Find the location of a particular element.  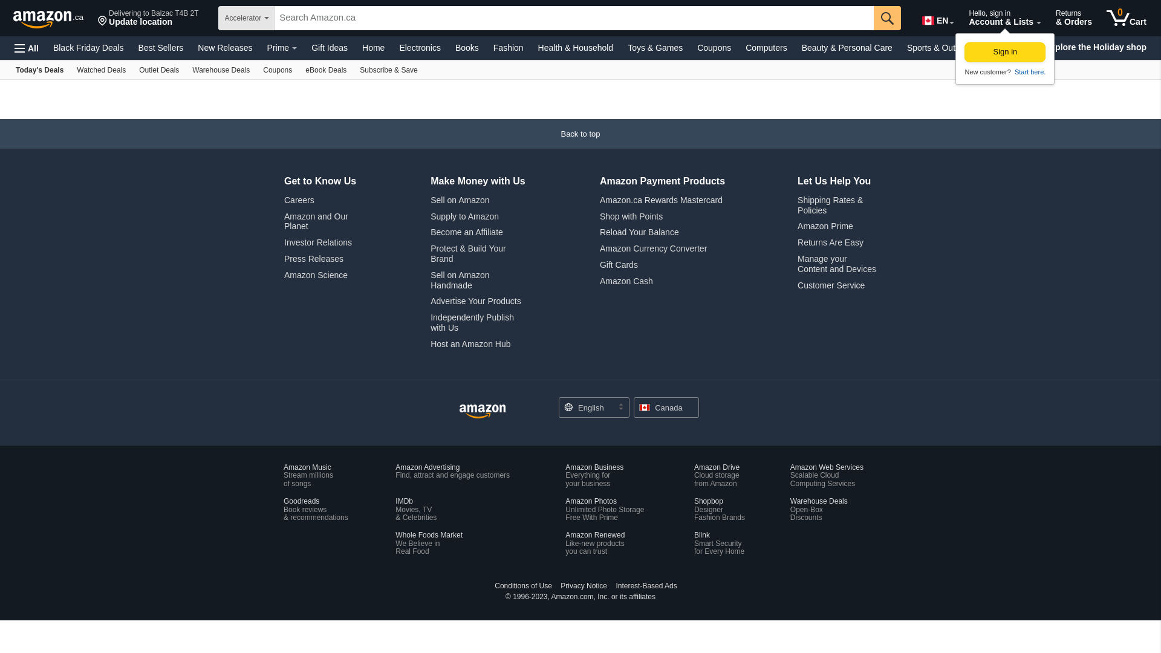

'Gift Ideas' is located at coordinates (330, 47).